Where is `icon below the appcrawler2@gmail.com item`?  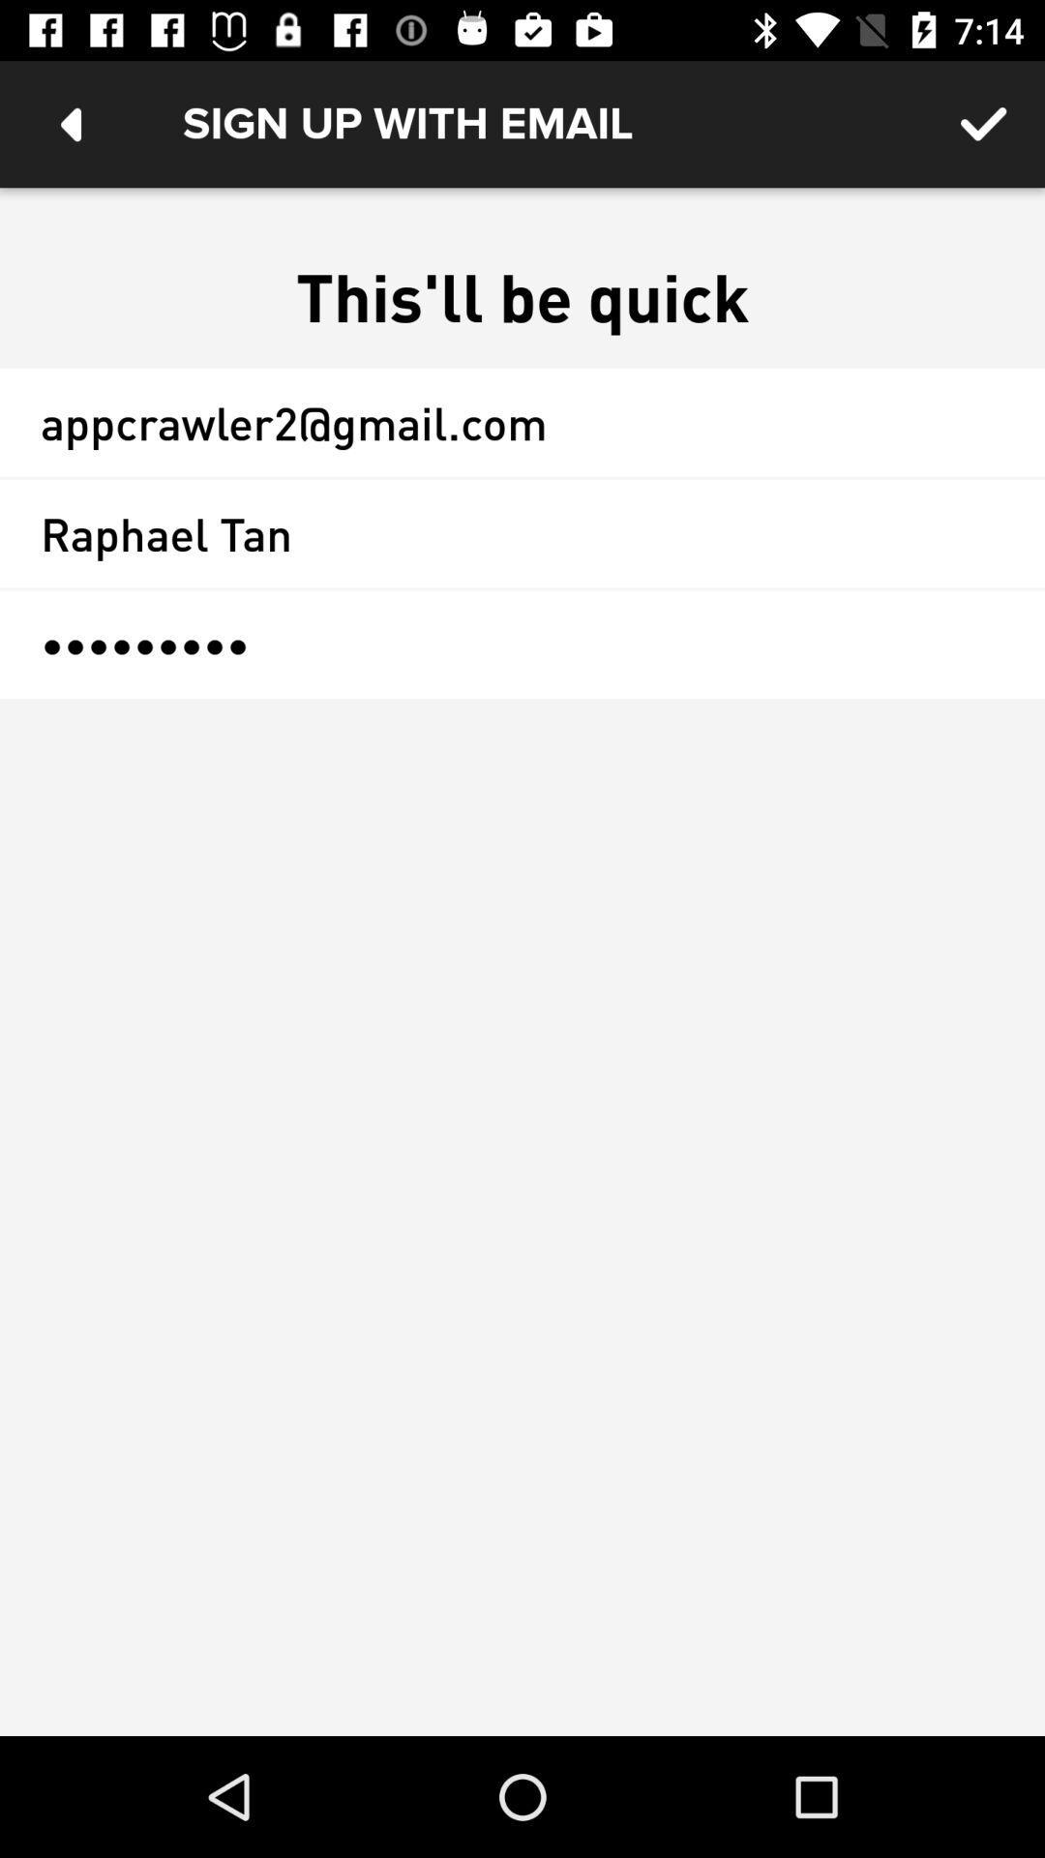 icon below the appcrawler2@gmail.com item is located at coordinates (522, 533).